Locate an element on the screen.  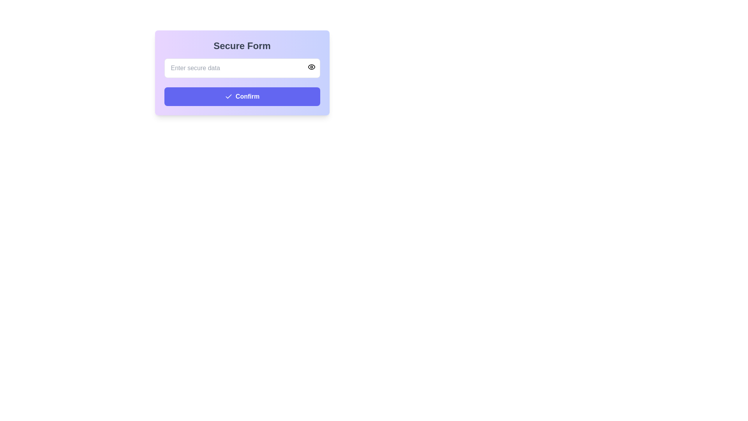
the SVG checkmark icon that is part of the 'Confirm' button, indicating a positive affirmation is located at coordinates (228, 96).